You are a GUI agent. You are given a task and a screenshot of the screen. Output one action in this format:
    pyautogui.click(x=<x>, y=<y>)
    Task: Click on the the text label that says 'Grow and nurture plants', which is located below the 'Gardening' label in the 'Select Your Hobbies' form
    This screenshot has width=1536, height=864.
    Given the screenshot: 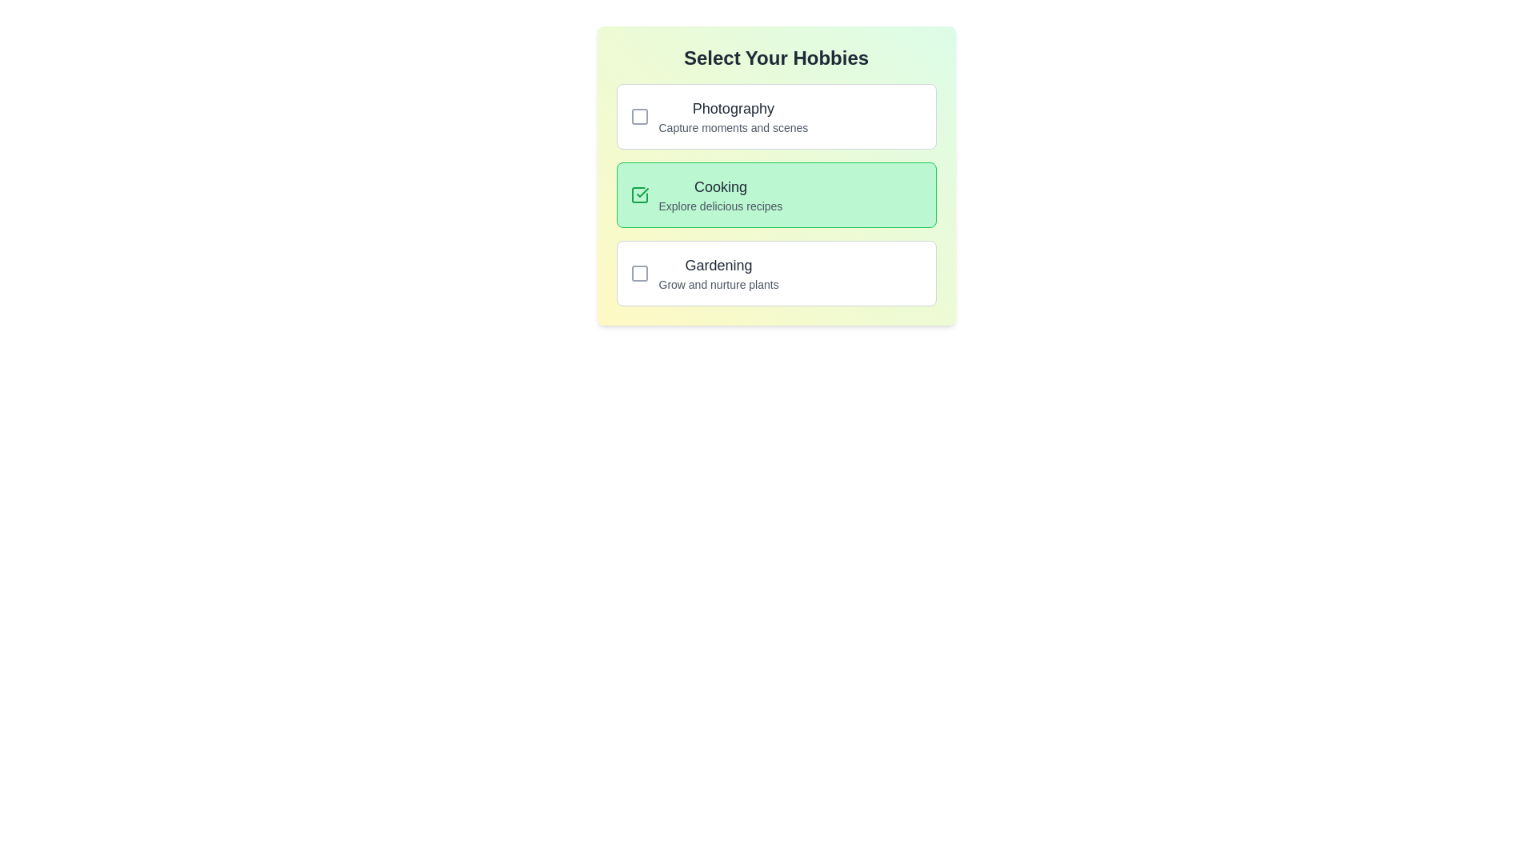 What is the action you would take?
    pyautogui.click(x=718, y=283)
    